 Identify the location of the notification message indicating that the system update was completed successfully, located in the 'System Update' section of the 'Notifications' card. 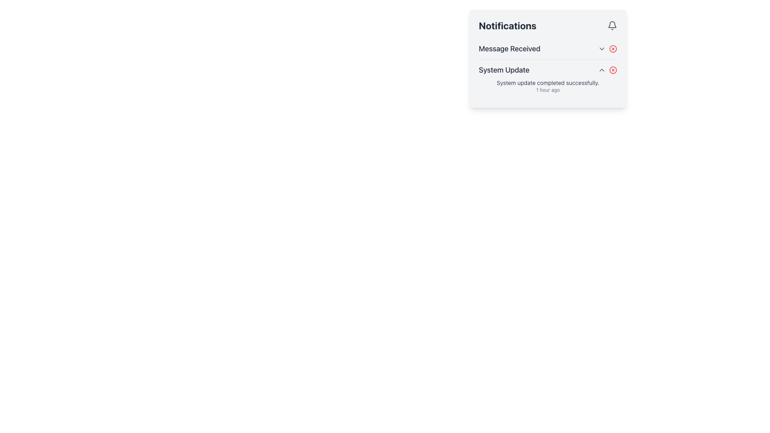
(547, 83).